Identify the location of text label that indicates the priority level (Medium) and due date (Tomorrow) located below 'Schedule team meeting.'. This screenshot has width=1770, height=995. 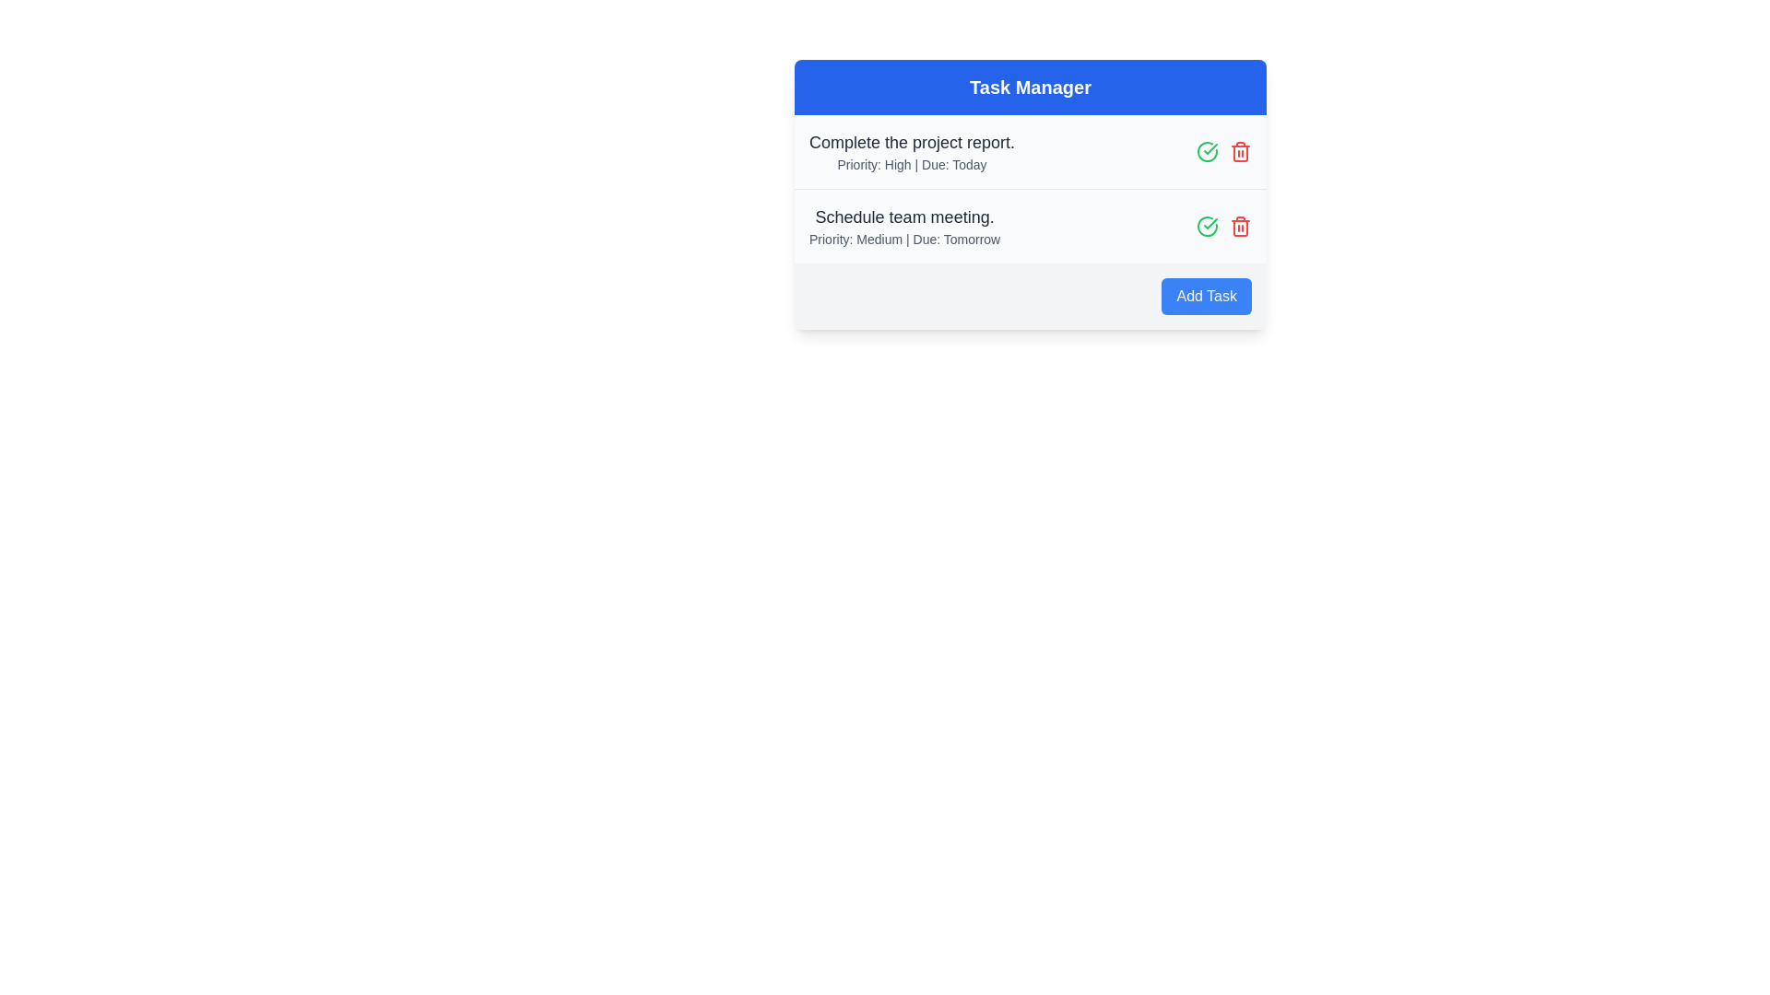
(904, 238).